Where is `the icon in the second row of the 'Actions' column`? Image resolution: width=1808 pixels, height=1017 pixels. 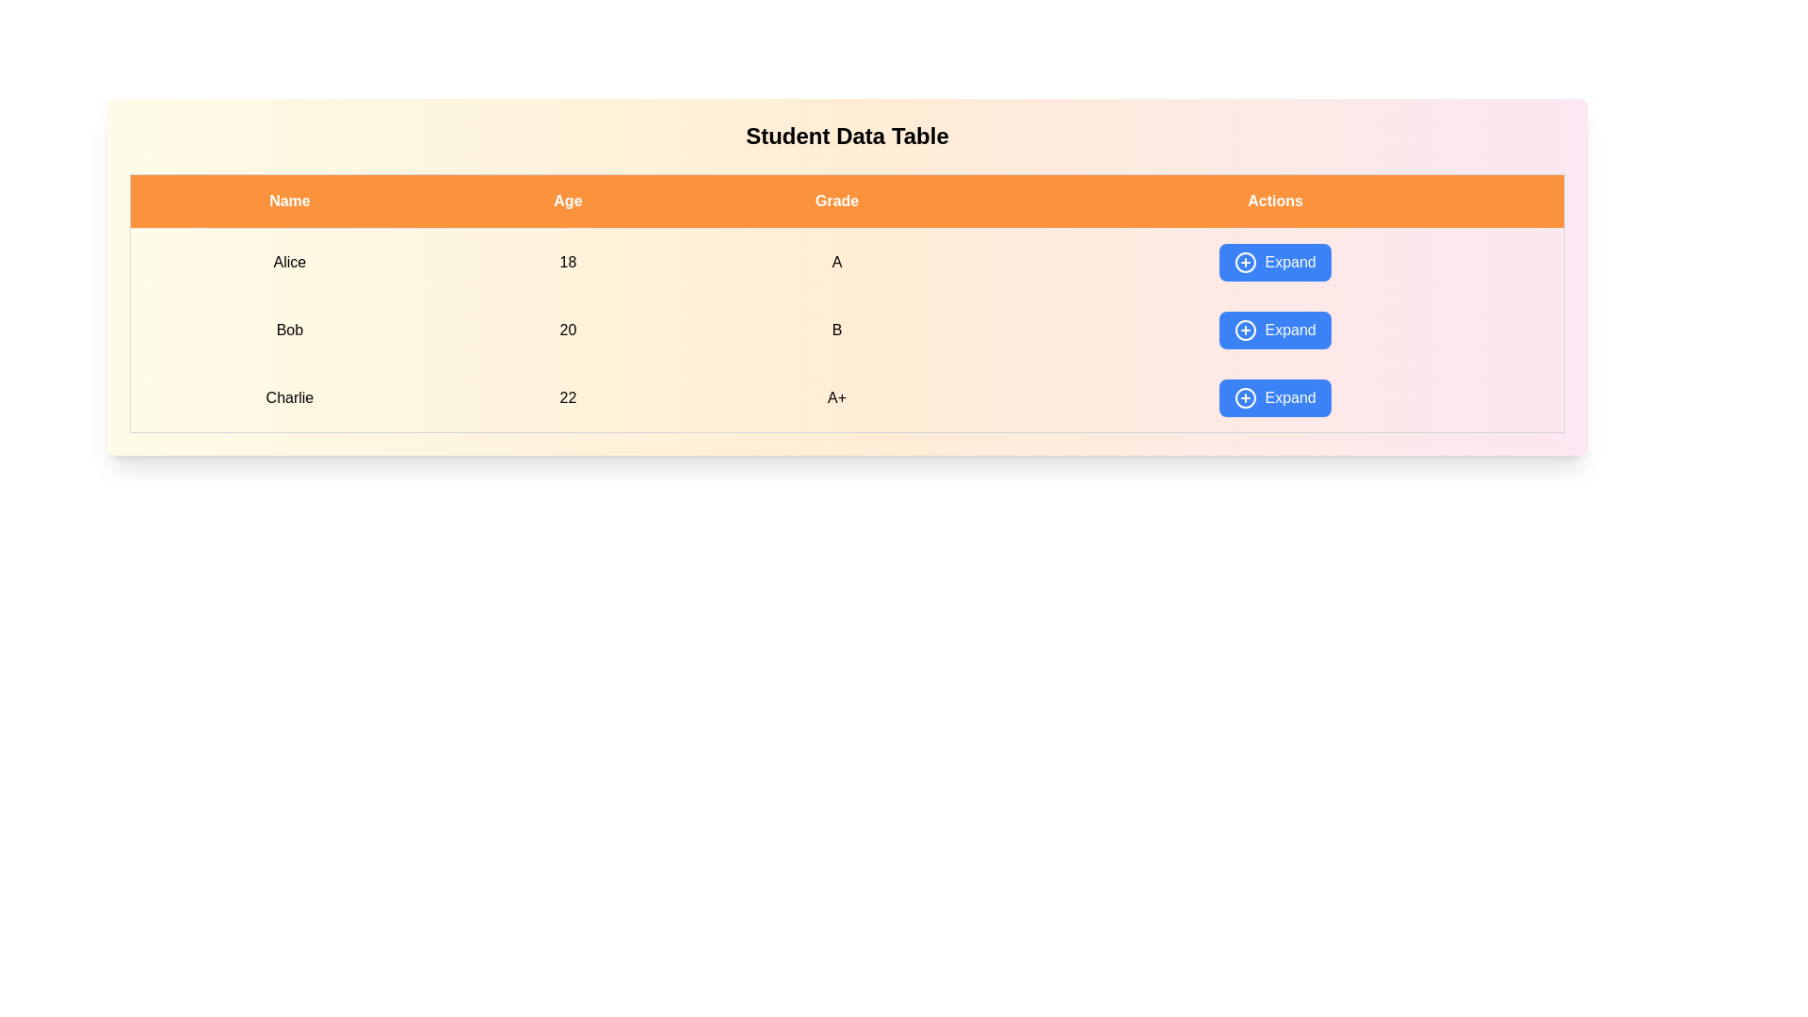
the icon in the second row of the 'Actions' column is located at coordinates (1246, 330).